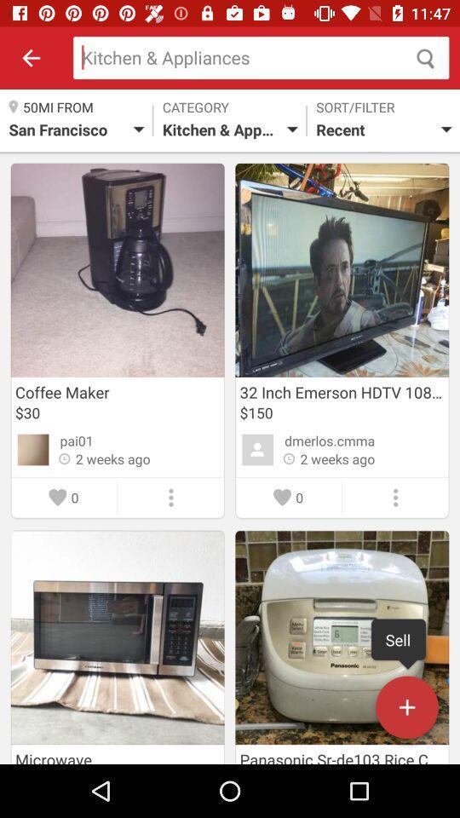  Describe the element at coordinates (342, 270) in the screenshot. I see `image right to coffee maker` at that location.